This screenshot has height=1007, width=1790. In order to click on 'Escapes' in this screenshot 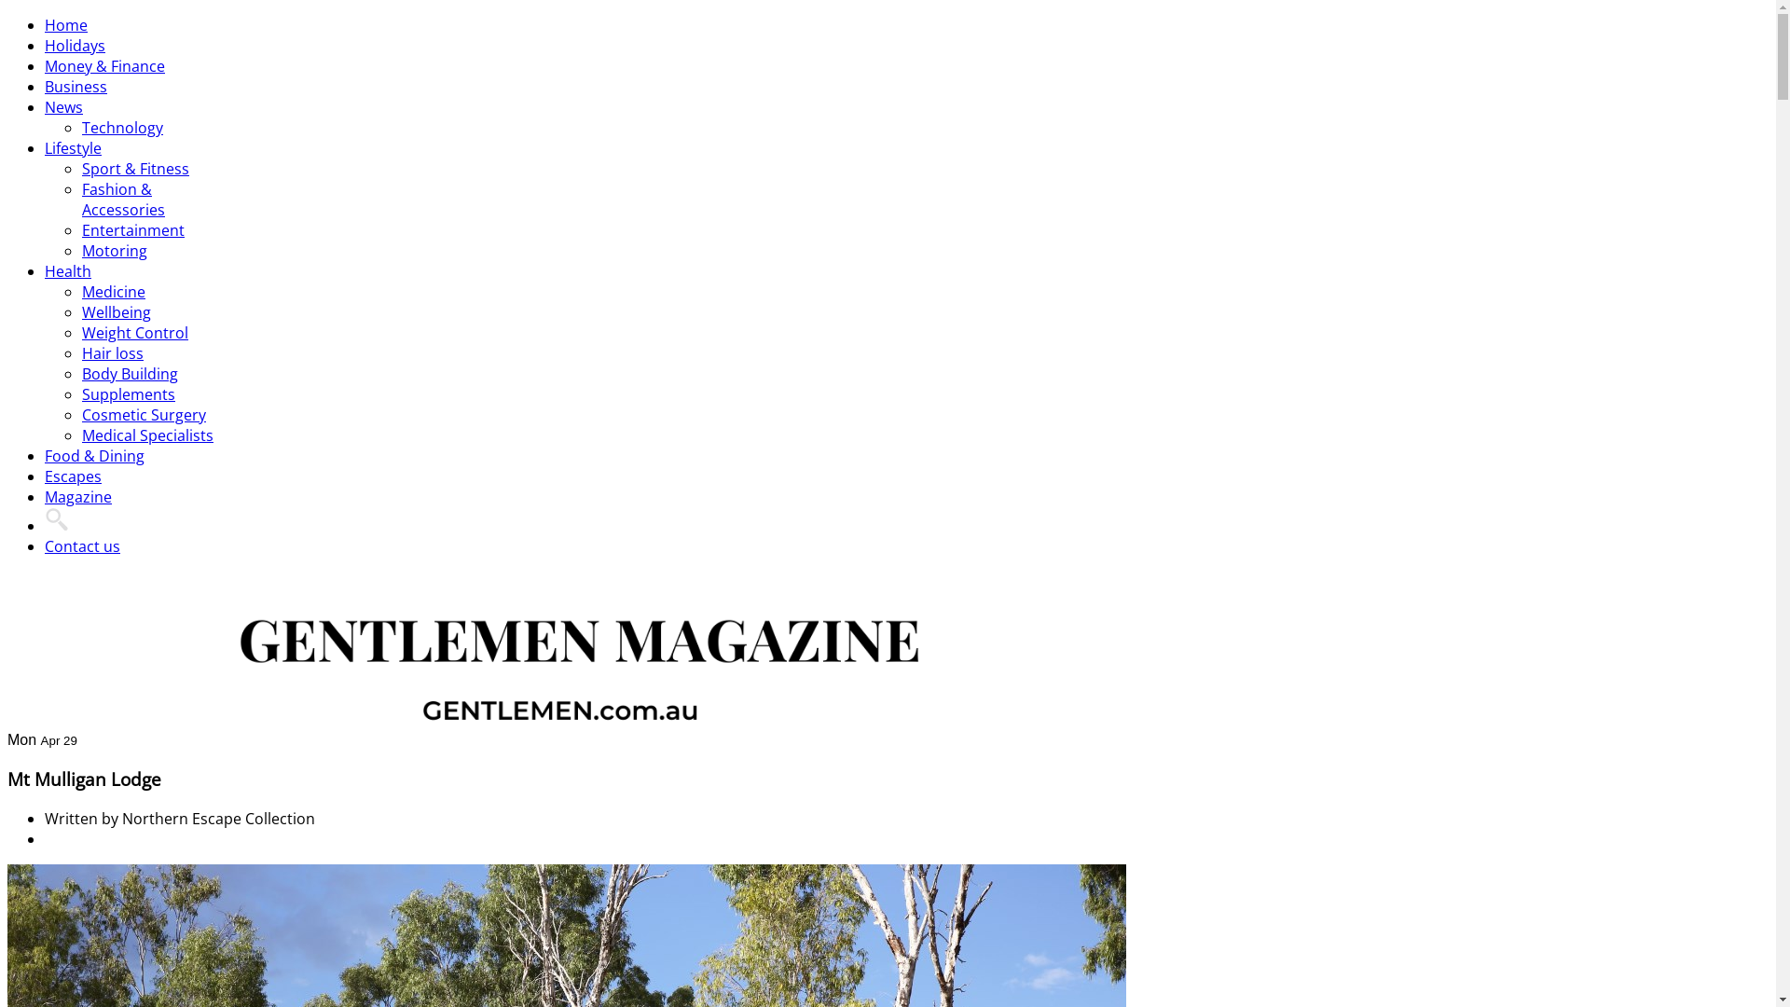, I will do `click(45, 475)`.